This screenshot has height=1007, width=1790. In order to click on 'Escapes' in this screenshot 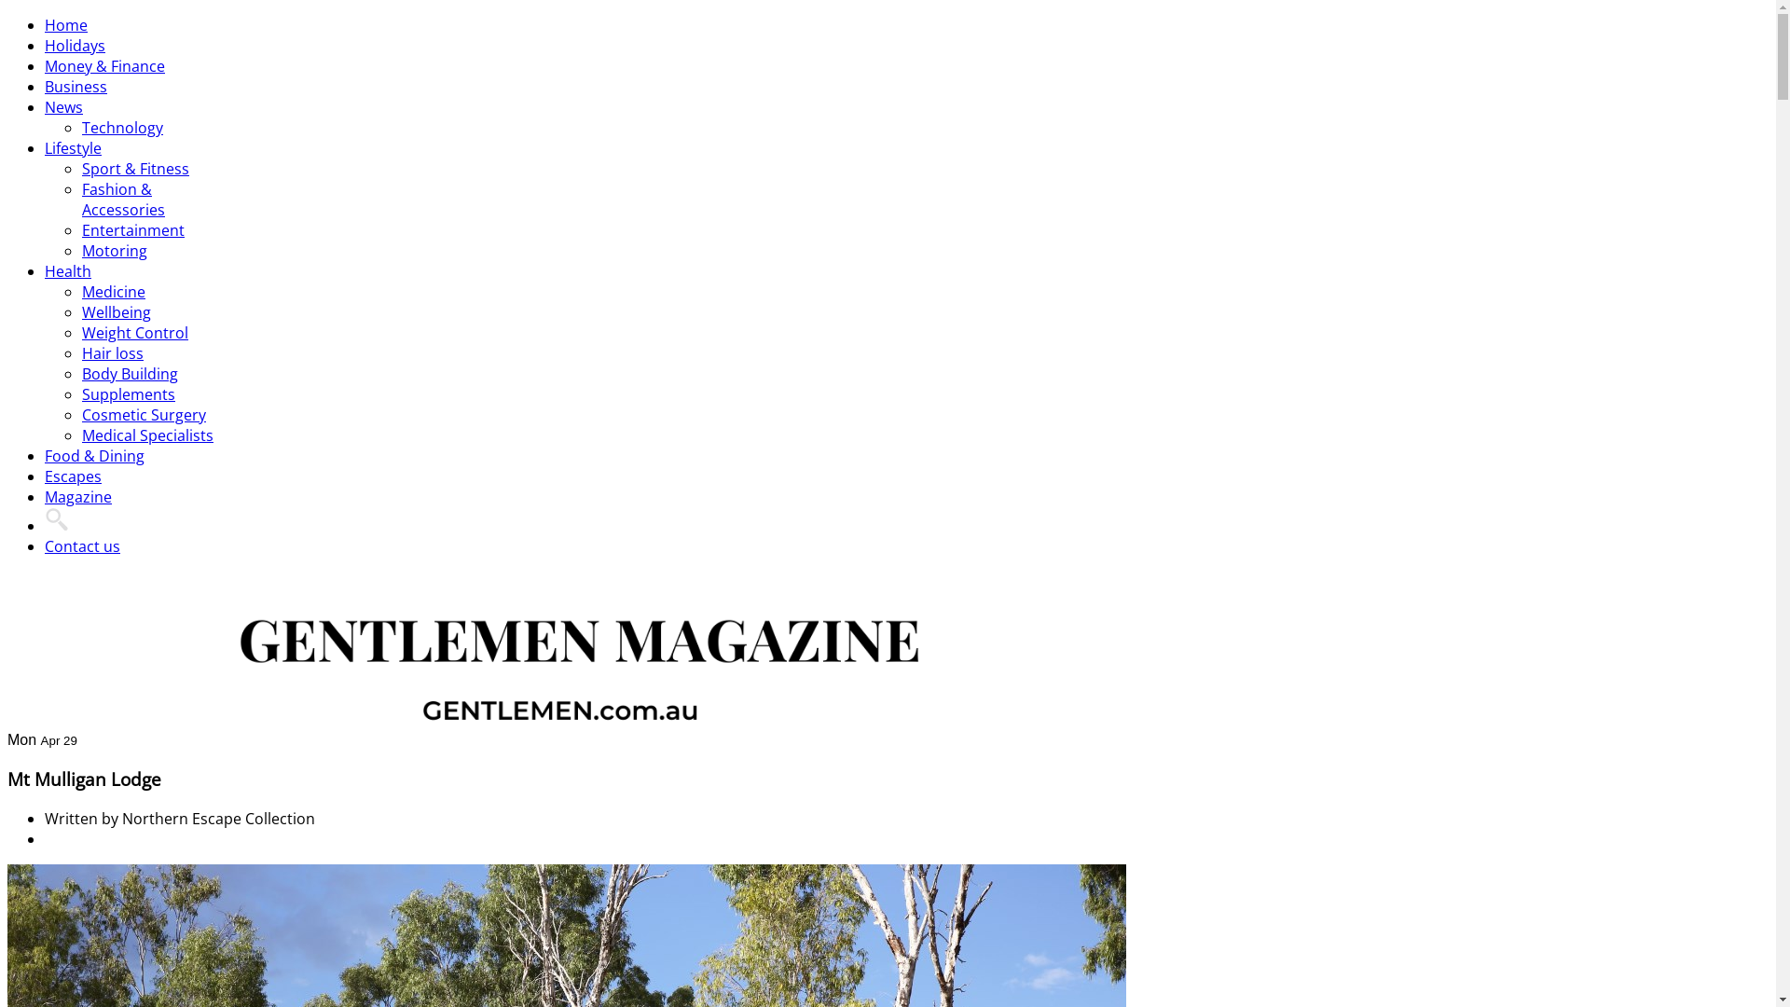, I will do `click(45, 475)`.